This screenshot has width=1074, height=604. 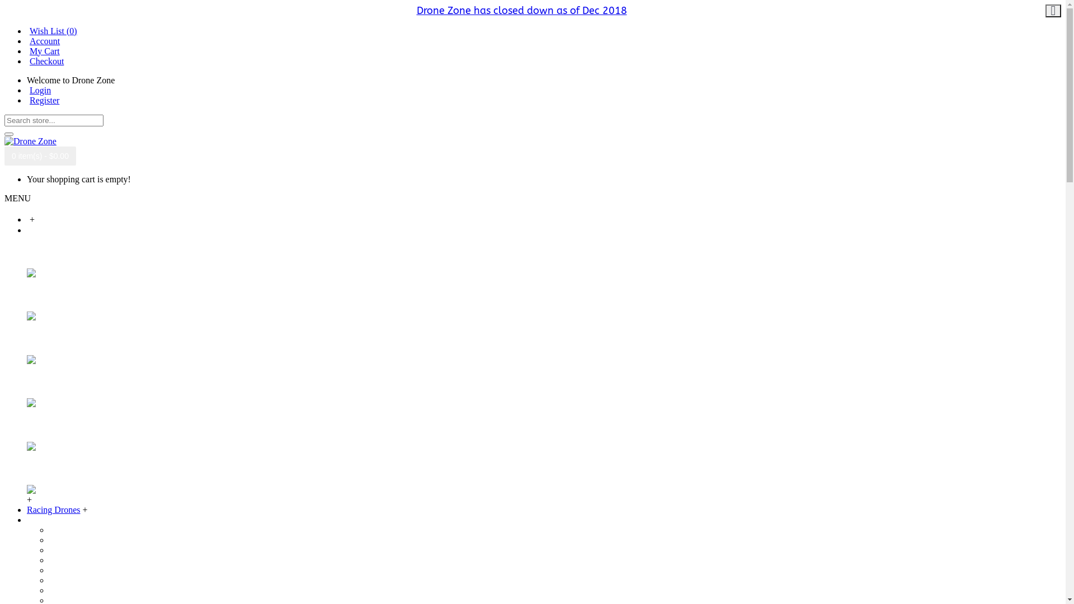 I want to click on 'DJI Phantom 3', so click(x=75, y=549).